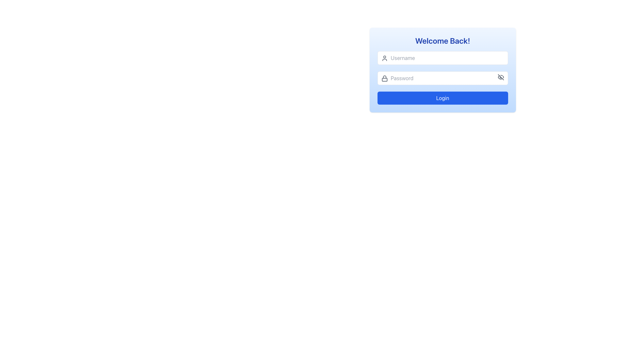 The width and height of the screenshot is (627, 352). What do you see at coordinates (384, 78) in the screenshot?
I see `the small lock icon, which is a simplistic padlock design in dark gray strokes, located to the immediate left of the password input field on the login form` at bounding box center [384, 78].